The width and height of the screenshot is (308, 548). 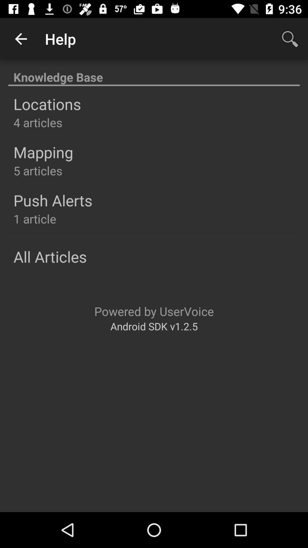 What do you see at coordinates (47, 104) in the screenshot?
I see `item below knowledge base` at bounding box center [47, 104].